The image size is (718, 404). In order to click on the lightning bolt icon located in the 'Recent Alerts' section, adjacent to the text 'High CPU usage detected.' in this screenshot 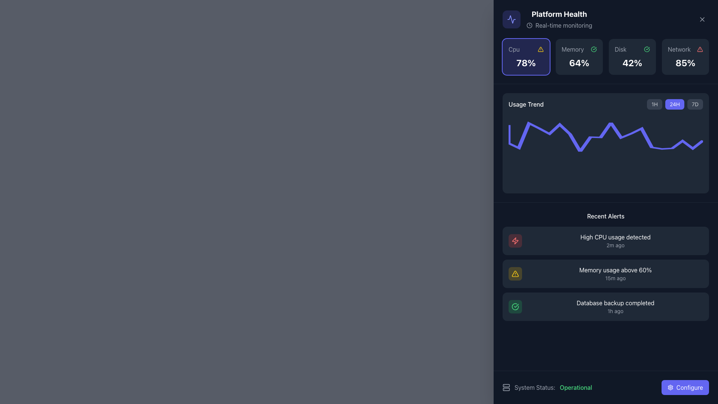, I will do `click(515, 241)`.